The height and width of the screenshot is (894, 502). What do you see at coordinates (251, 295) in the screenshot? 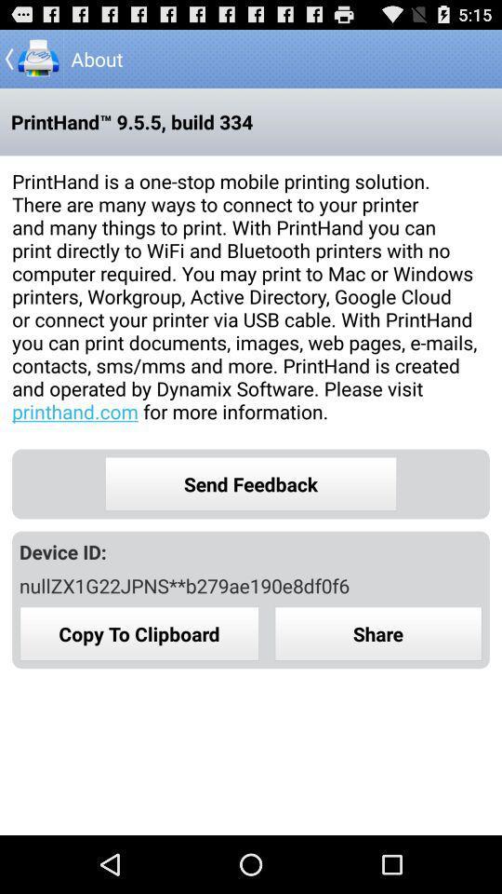
I see `printhand is a icon` at bounding box center [251, 295].